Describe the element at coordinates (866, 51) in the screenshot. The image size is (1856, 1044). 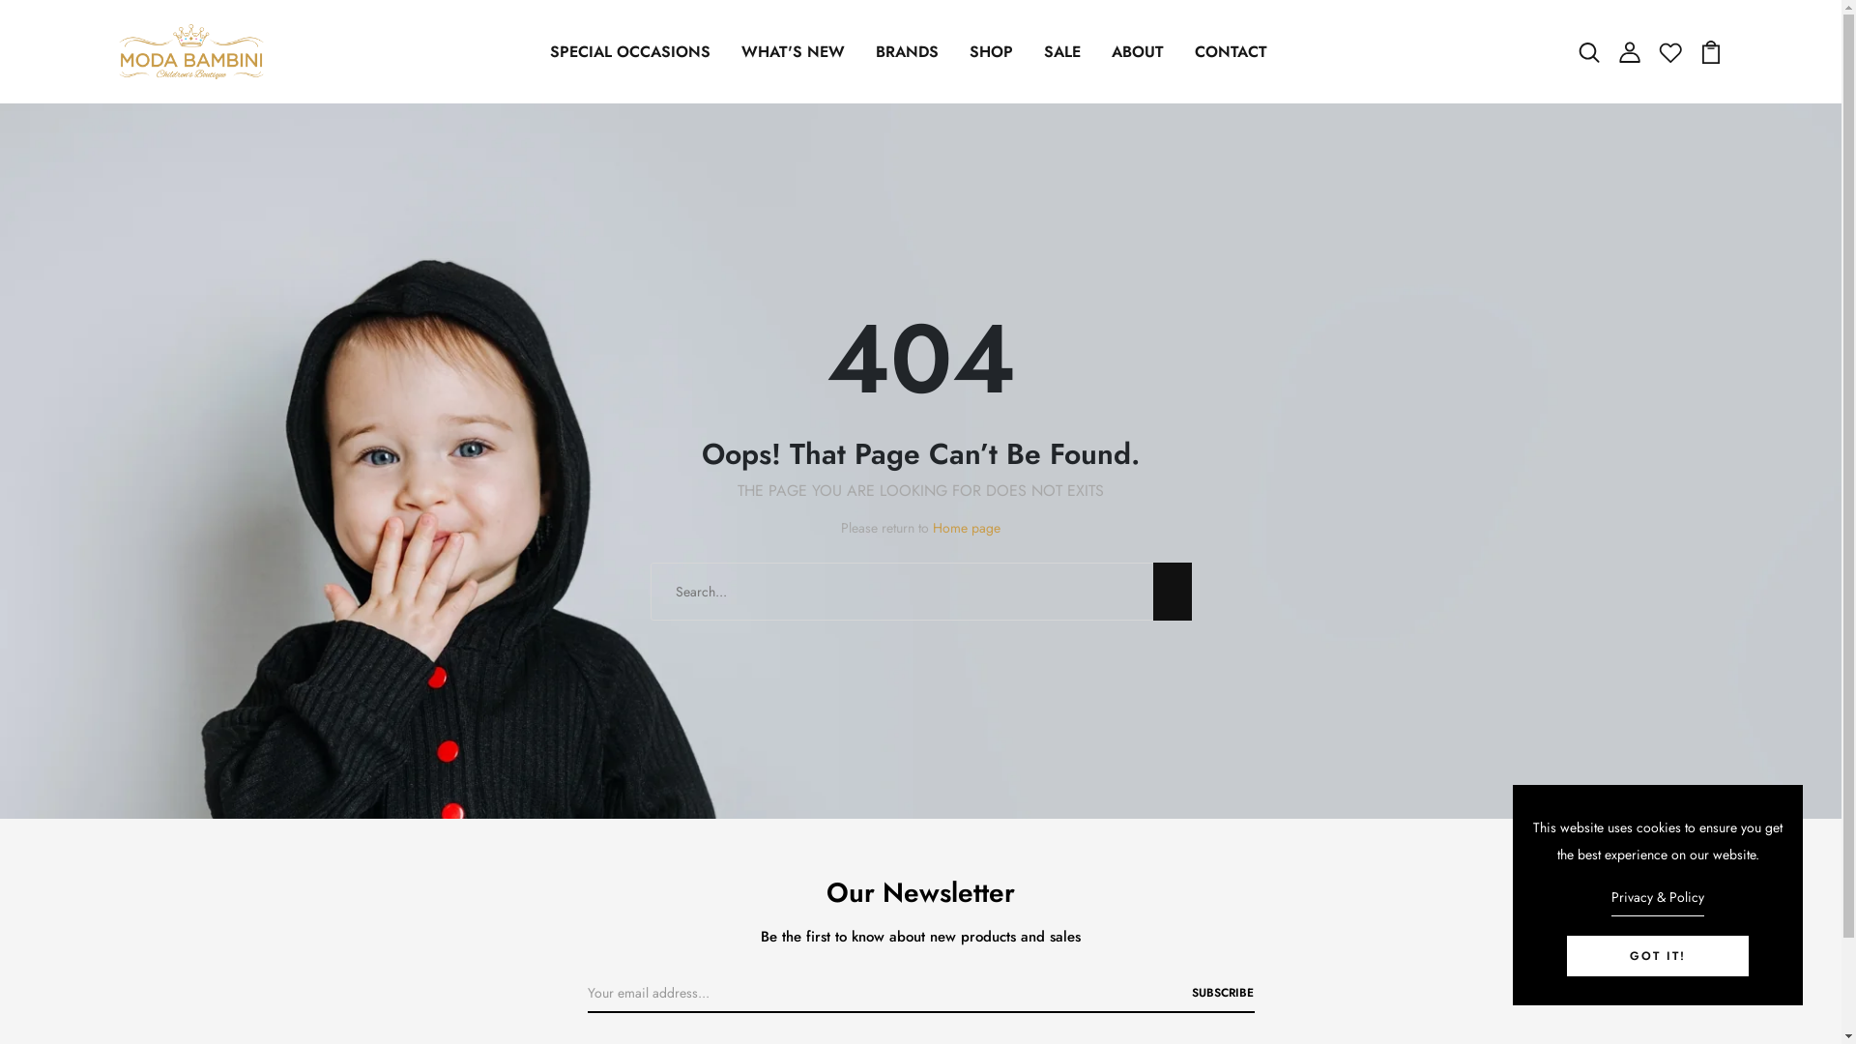
I see `'BRANDS'` at that location.